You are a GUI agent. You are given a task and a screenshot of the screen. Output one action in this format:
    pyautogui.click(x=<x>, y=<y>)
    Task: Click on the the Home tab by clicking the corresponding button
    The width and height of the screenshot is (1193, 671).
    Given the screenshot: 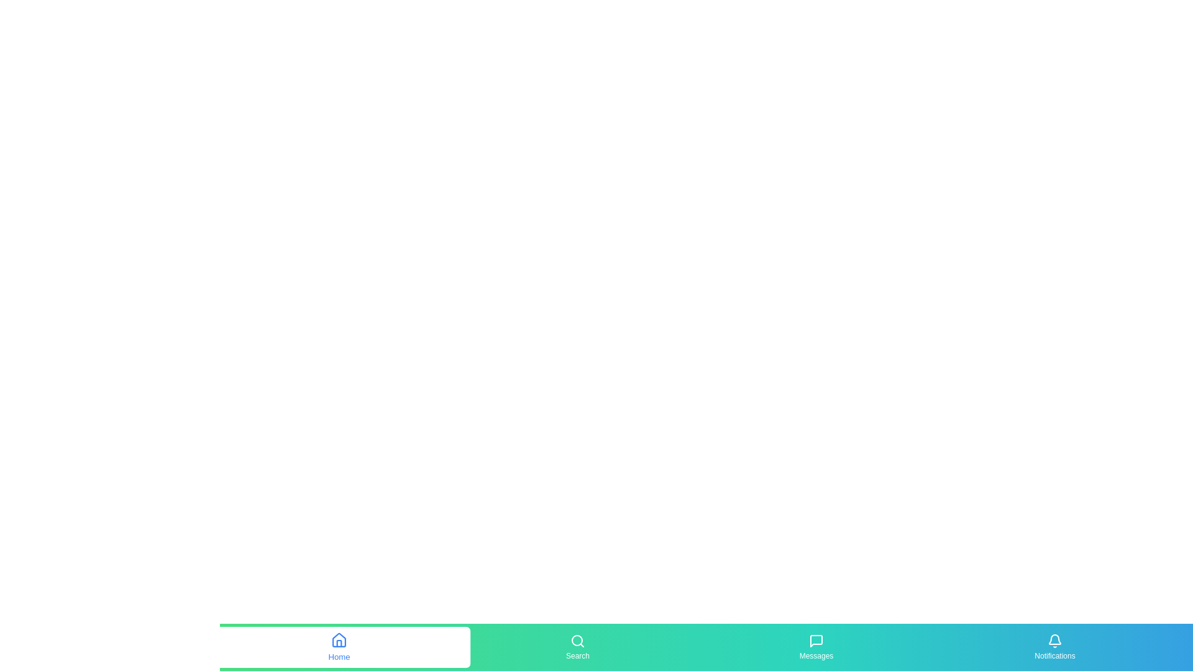 What is the action you would take?
    pyautogui.click(x=339, y=646)
    